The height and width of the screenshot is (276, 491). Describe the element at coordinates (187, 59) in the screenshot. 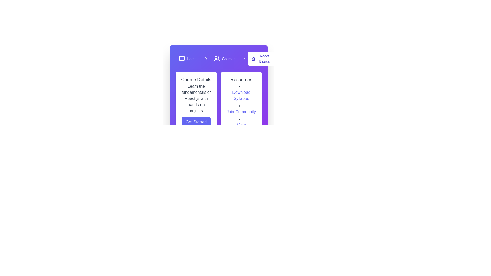

I see `the 'Home' navigation button, which is styled with a purple background and white text, to trigger the hover effect` at that location.